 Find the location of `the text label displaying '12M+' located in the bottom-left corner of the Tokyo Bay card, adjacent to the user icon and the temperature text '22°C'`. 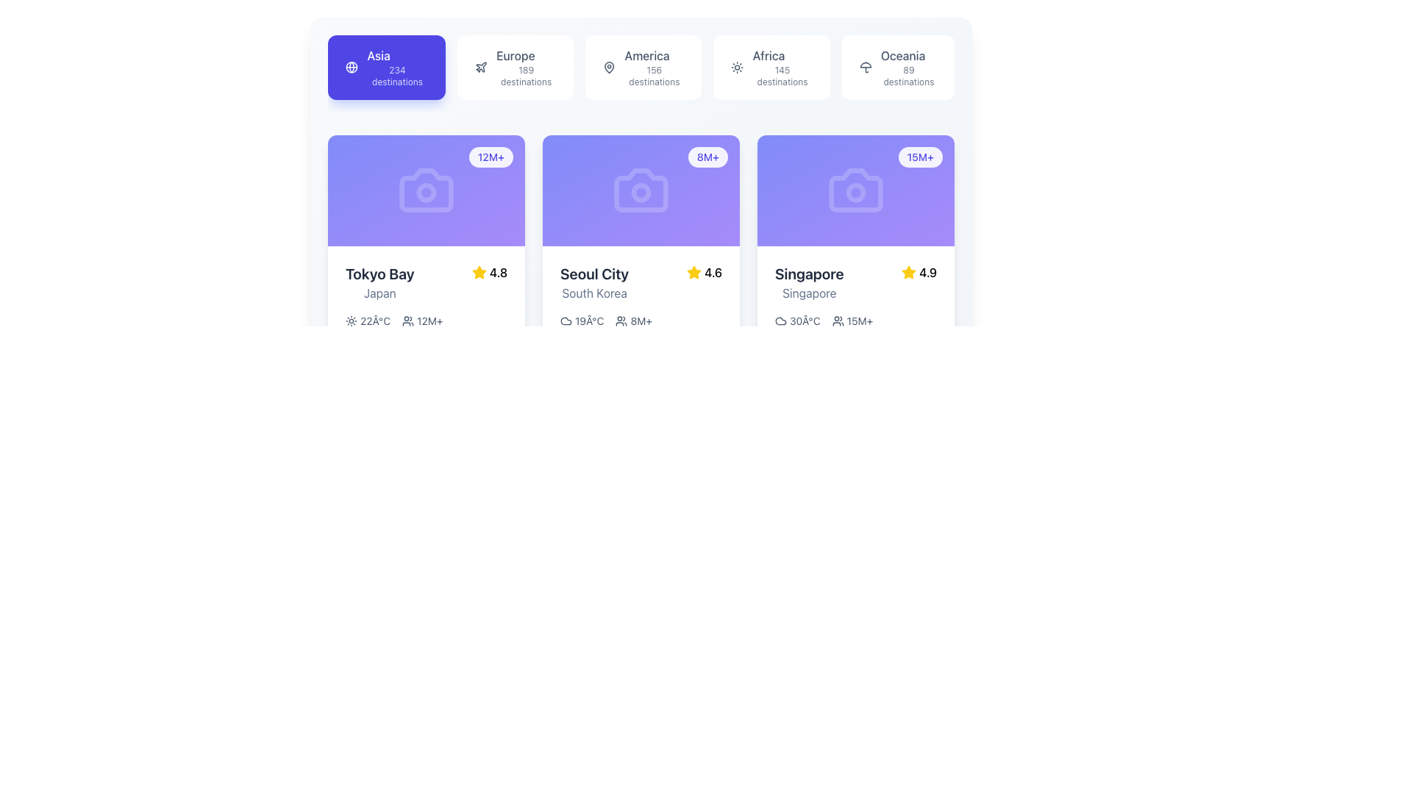

the text label displaying '12M+' located in the bottom-left corner of the Tokyo Bay card, adjacent to the user icon and the temperature text '22°C' is located at coordinates (421, 320).